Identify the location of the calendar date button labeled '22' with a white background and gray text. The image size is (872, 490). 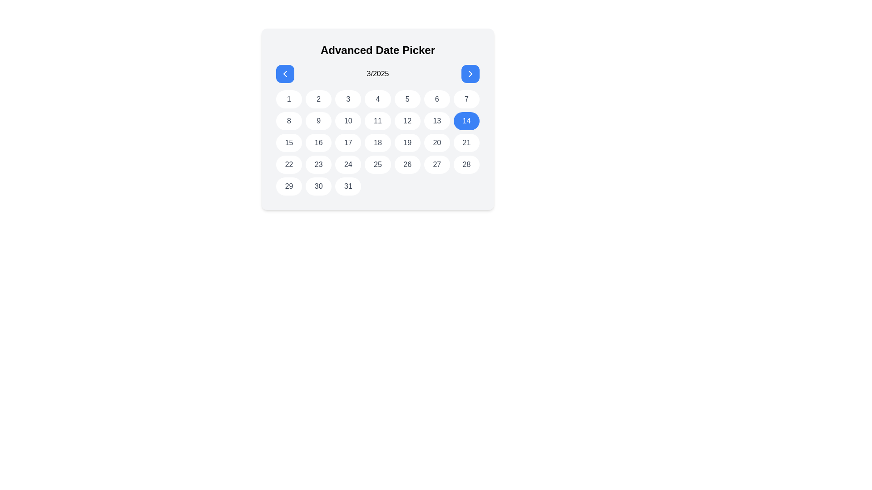
(288, 164).